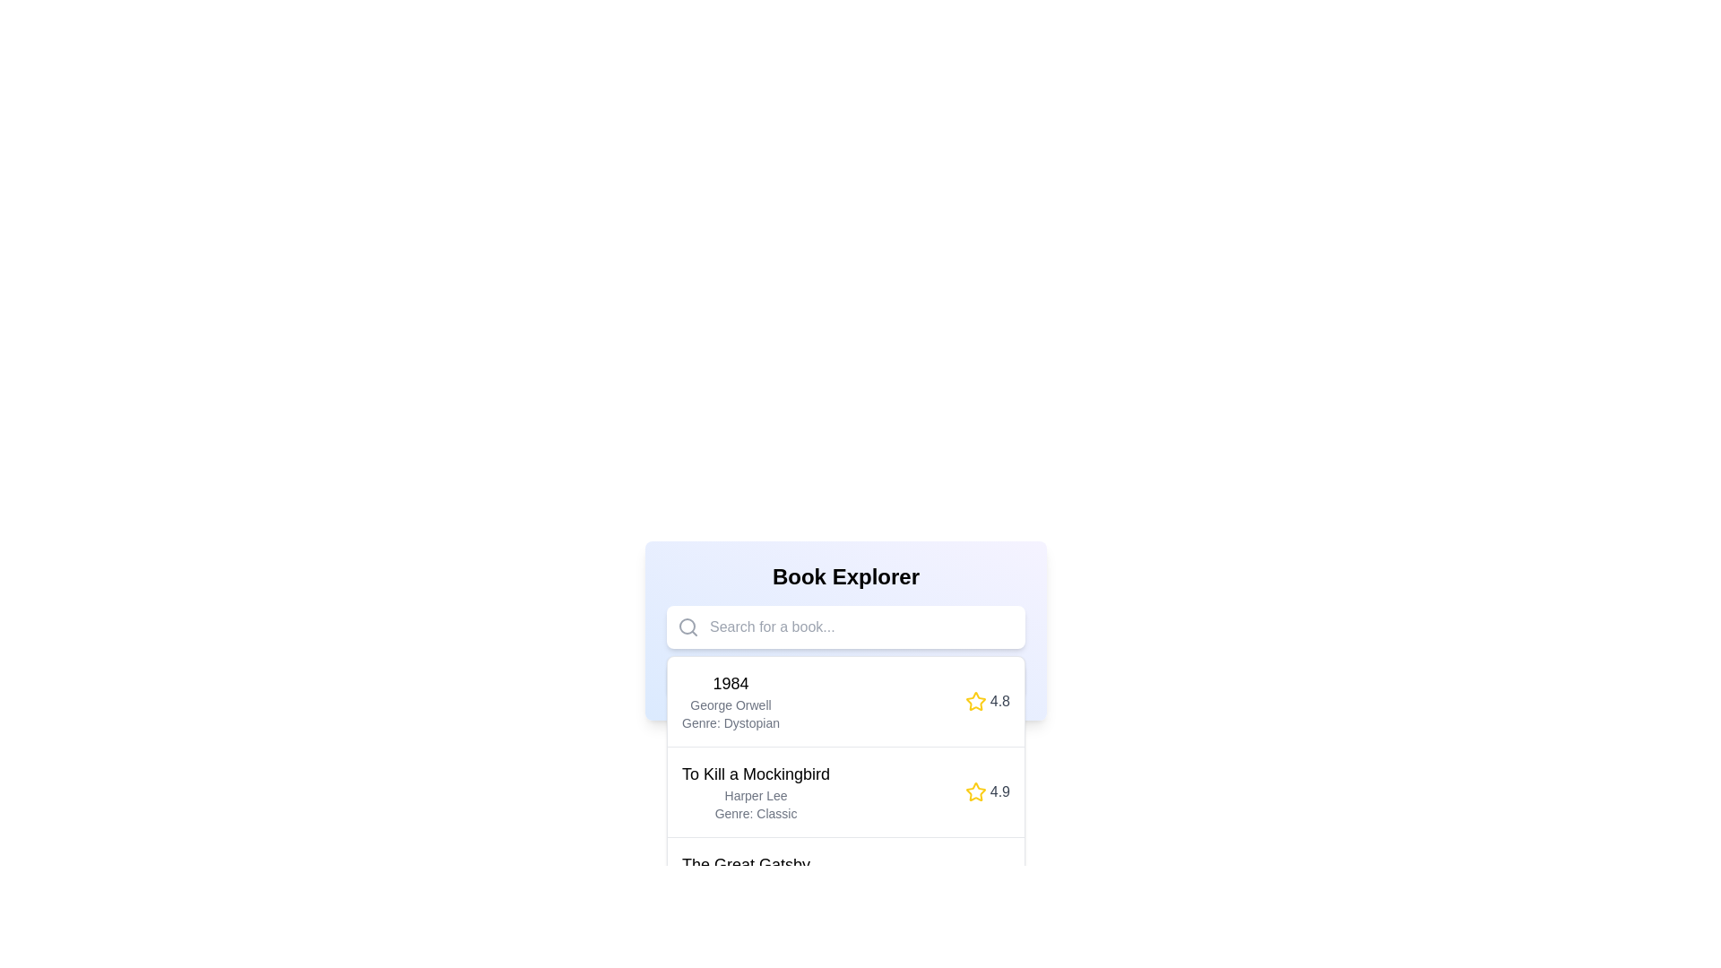 Image resolution: width=1721 pixels, height=968 pixels. Describe the element at coordinates (845, 701) in the screenshot. I see `the first book entry in the list, which contains details like title, author, genre, and rating, located just beneath the search bar` at that location.